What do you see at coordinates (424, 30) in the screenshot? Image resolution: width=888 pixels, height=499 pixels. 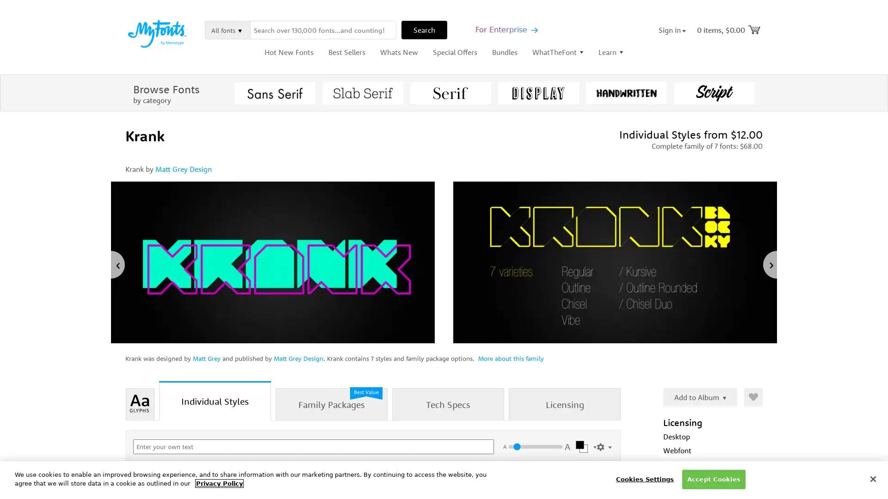 I see `Search` at bounding box center [424, 30].